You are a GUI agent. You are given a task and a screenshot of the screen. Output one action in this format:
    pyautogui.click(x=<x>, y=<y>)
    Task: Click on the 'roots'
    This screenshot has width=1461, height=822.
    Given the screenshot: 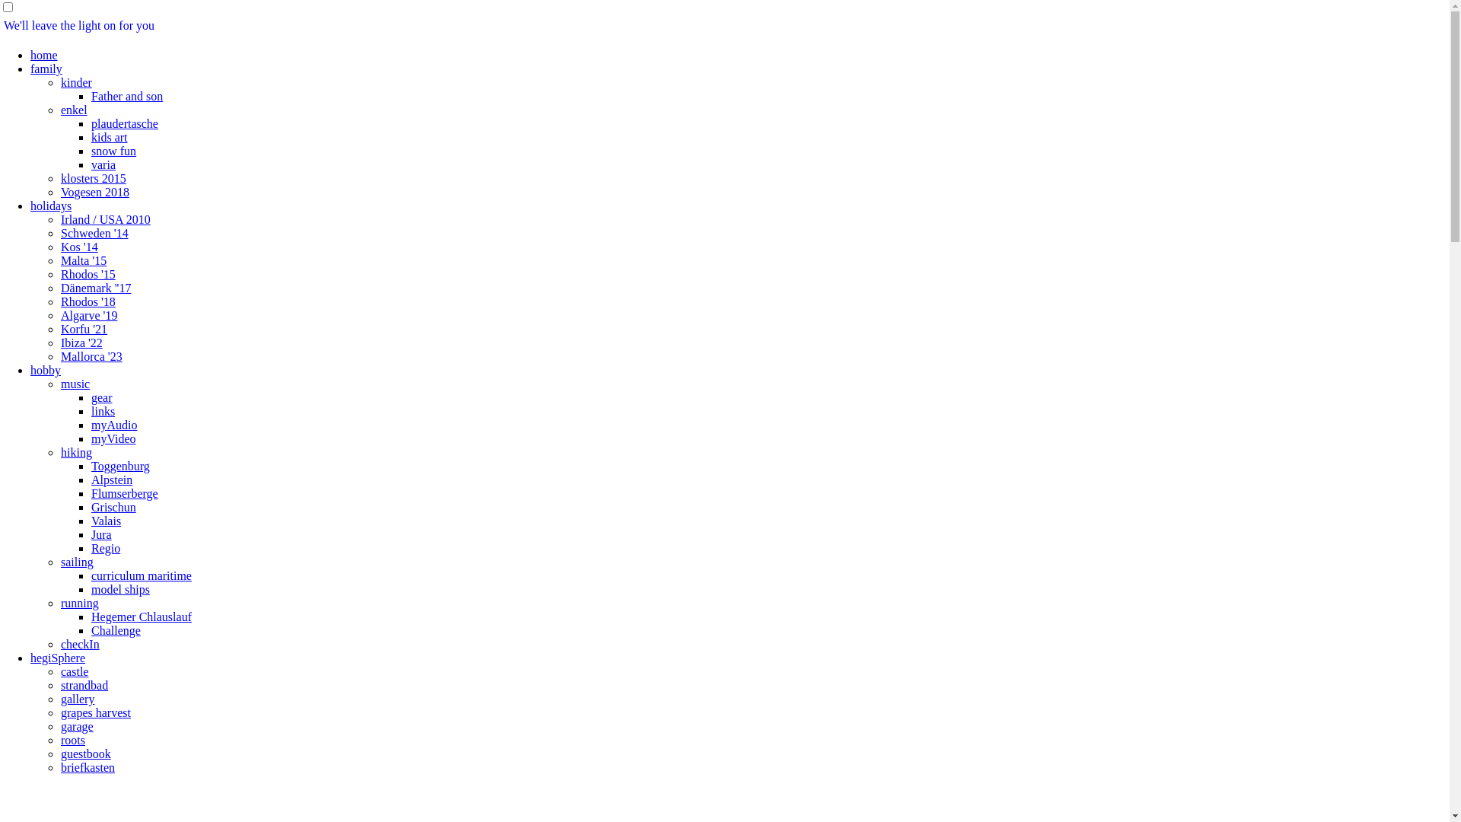 What is the action you would take?
    pyautogui.click(x=72, y=739)
    